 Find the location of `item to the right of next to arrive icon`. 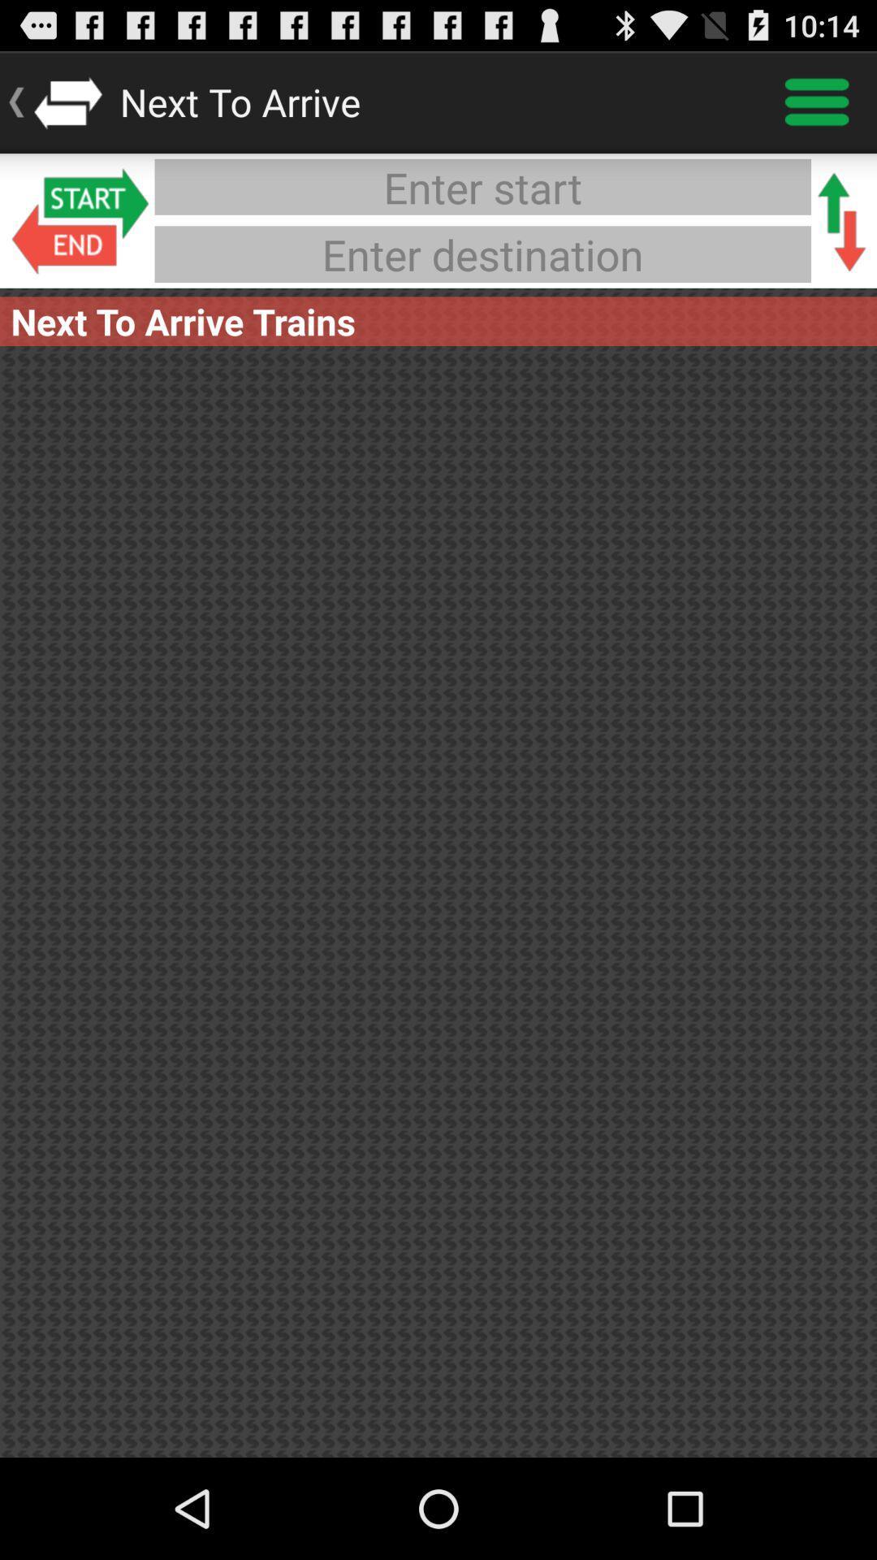

item to the right of next to arrive icon is located at coordinates (817, 101).